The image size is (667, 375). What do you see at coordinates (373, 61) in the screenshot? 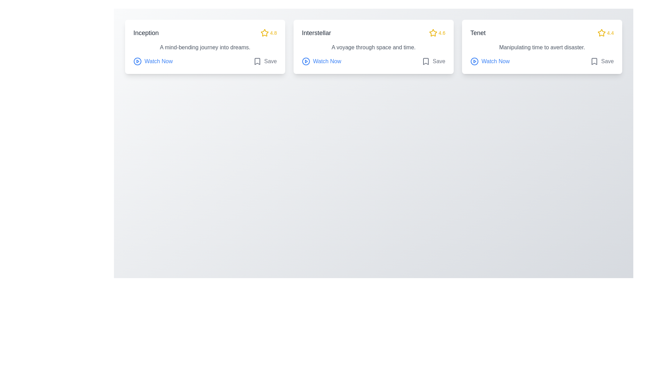
I see `the blue 'Watch Now' button on the combined action bar located at the bottom of the 'Interstellar' card to initiate playback` at bounding box center [373, 61].